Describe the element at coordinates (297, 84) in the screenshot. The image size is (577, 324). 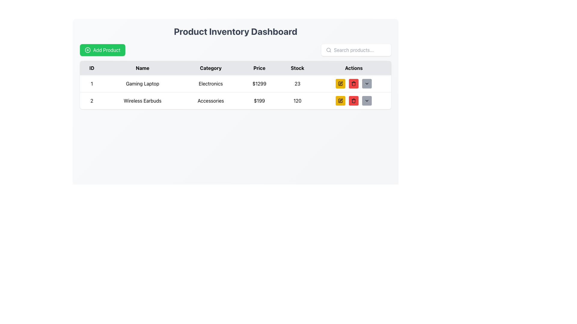
I see `displayed stock quantity information for the 'Gaming Laptop' product located in the 'Stock' column of the product information table` at that location.